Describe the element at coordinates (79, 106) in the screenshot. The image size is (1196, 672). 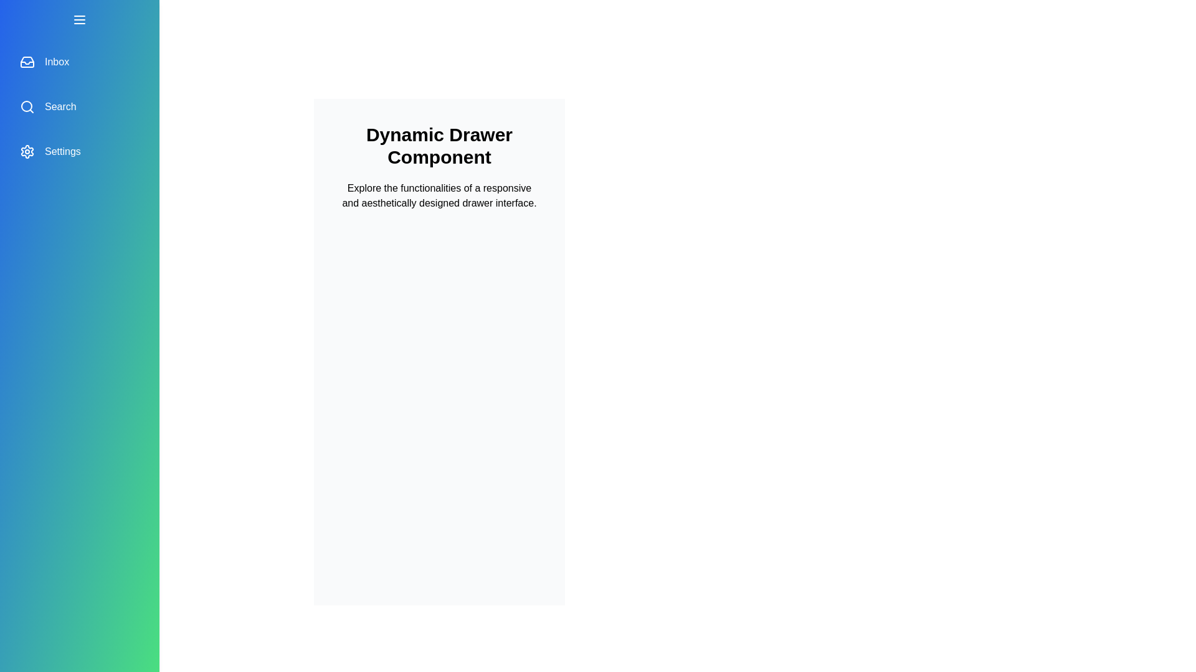
I see `the menu item labeled 'Search' to observe its hover effect` at that location.